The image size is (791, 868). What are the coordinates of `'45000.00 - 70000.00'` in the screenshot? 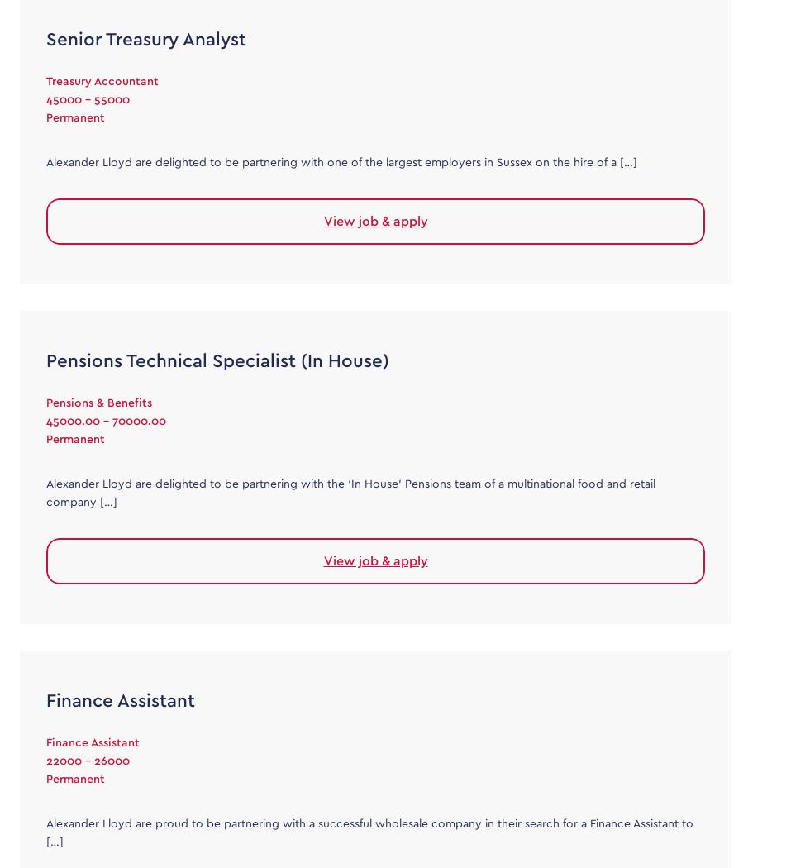 It's located at (106, 420).